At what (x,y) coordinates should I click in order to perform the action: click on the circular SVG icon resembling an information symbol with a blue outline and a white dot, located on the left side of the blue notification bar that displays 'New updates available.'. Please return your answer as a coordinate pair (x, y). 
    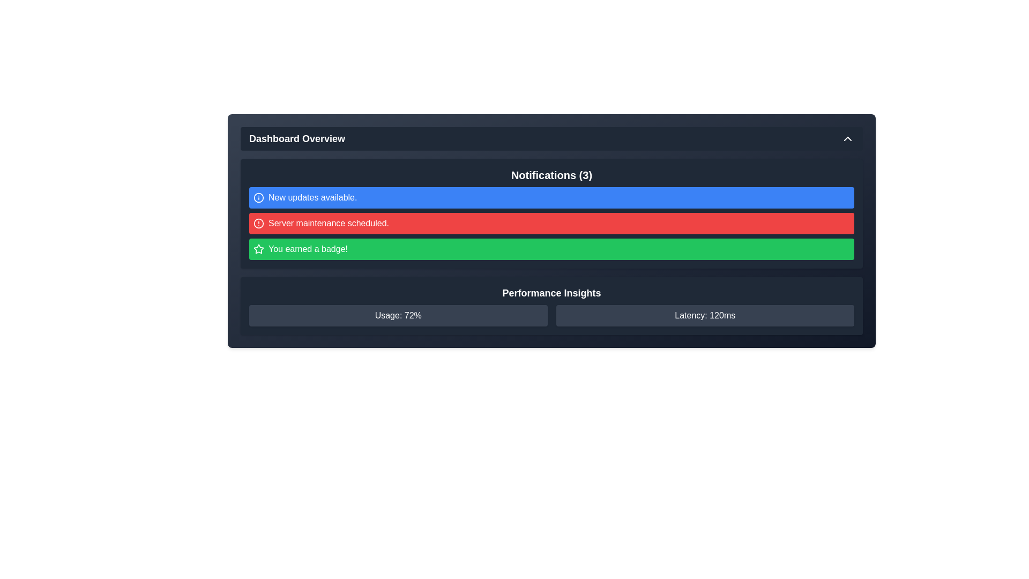
    Looking at the image, I should click on (259, 198).